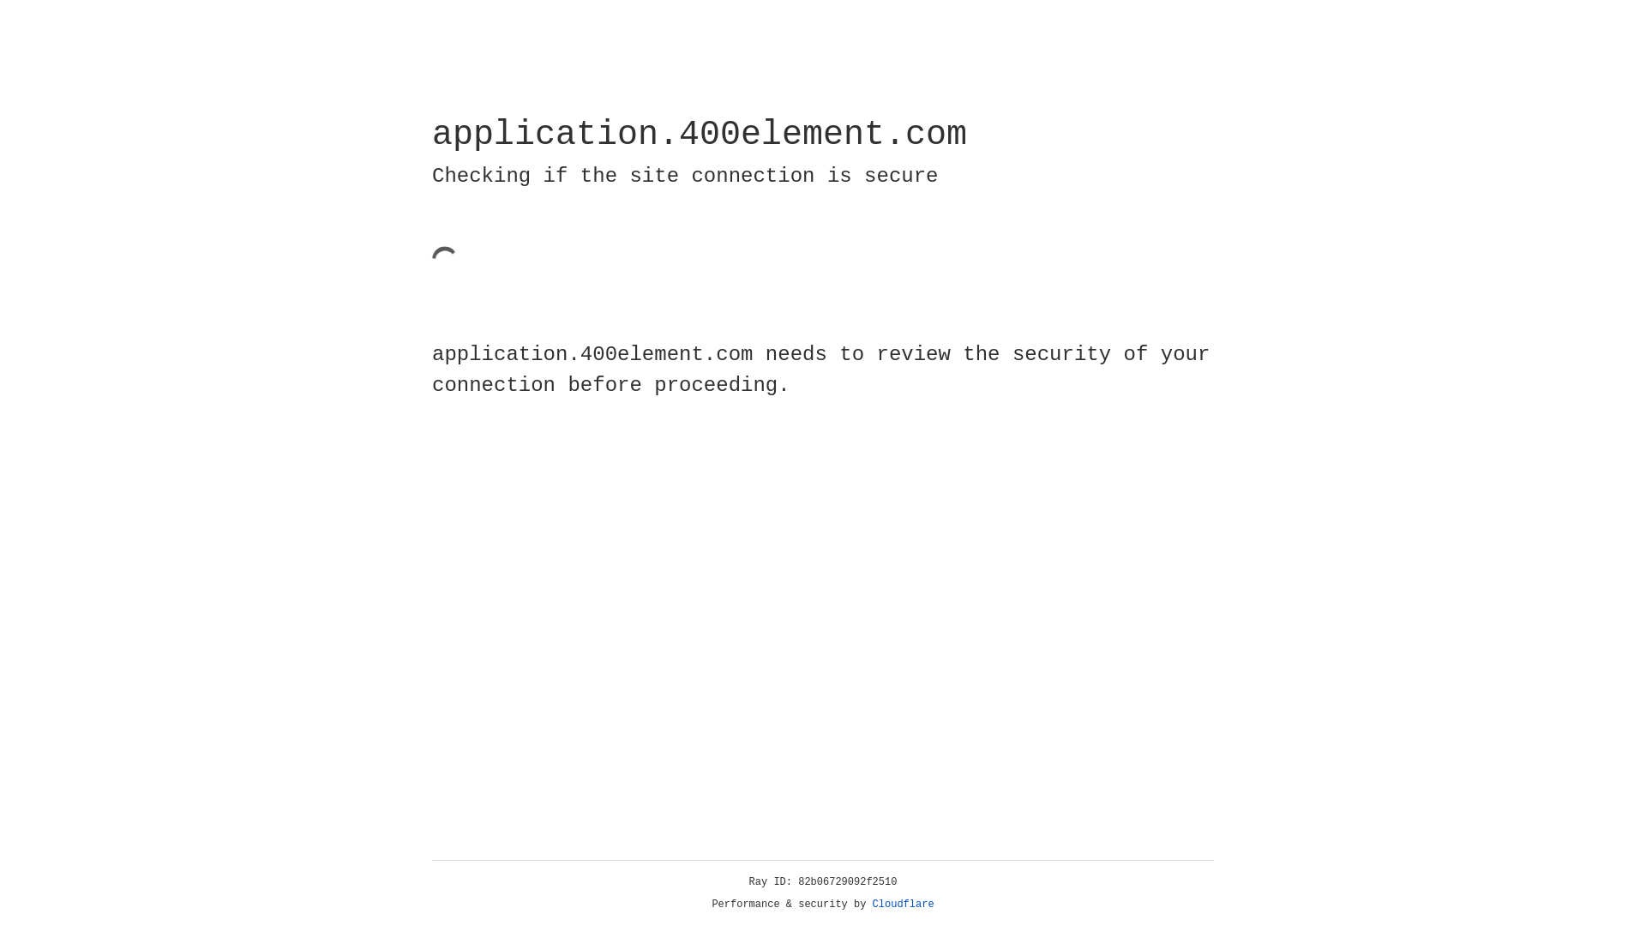  I want to click on 'Cloudflare', so click(903, 904).